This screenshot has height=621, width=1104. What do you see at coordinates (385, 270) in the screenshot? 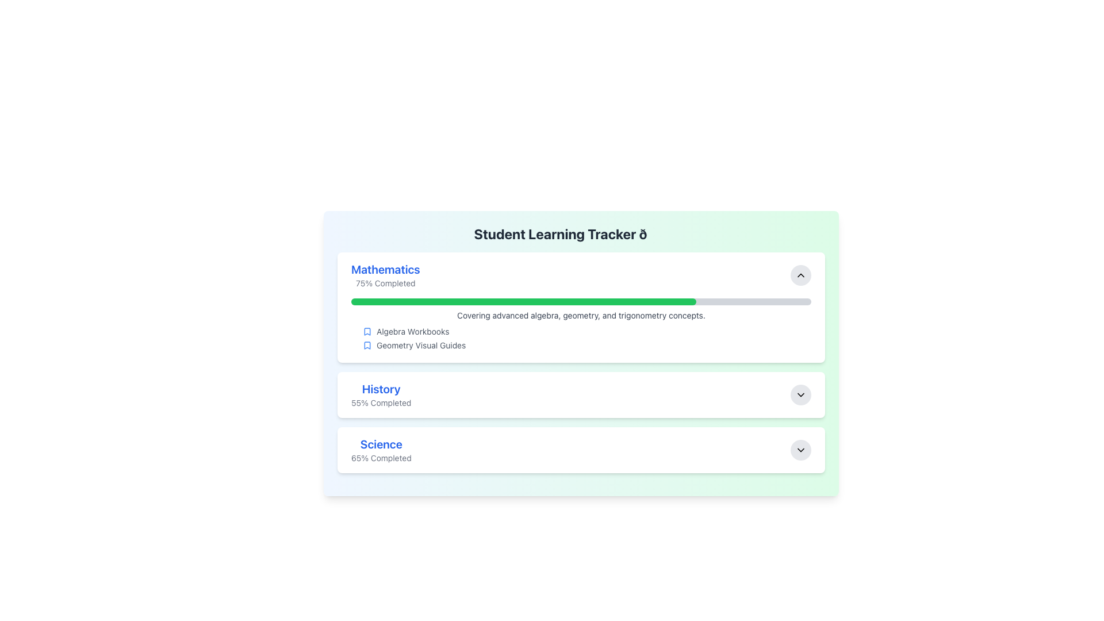
I see `the text label indicating 'Mathematics', which serves as the header for the progress tracking section` at bounding box center [385, 270].